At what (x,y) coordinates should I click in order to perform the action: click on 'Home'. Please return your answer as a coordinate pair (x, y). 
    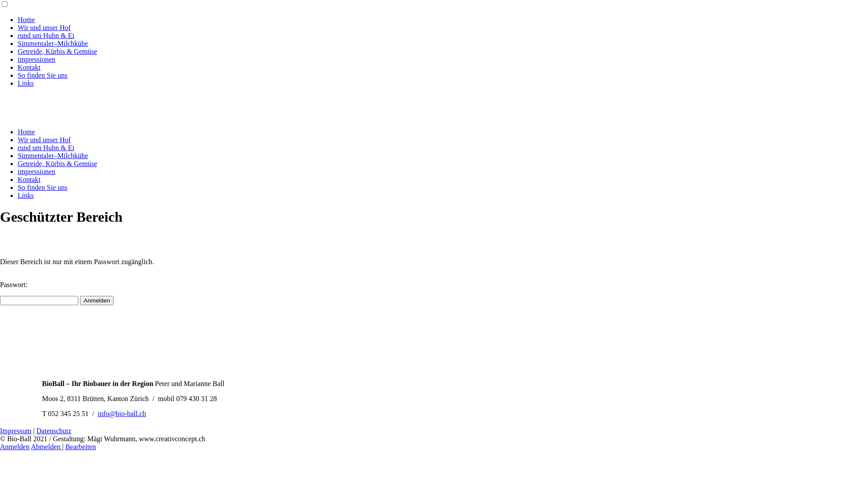
    Looking at the image, I should click on (26, 132).